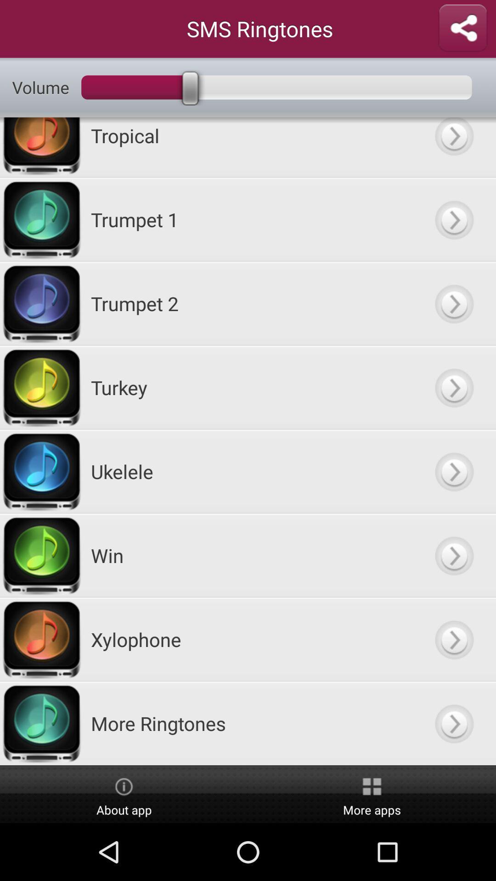 The width and height of the screenshot is (496, 881). I want to click on trumpet 1, so click(453, 219).